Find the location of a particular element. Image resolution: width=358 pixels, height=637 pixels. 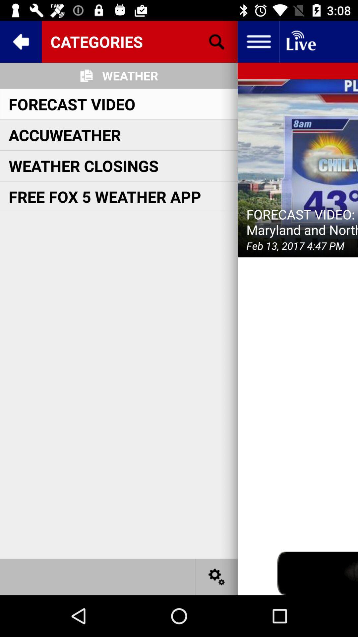

the menu icon is located at coordinates (258, 41).